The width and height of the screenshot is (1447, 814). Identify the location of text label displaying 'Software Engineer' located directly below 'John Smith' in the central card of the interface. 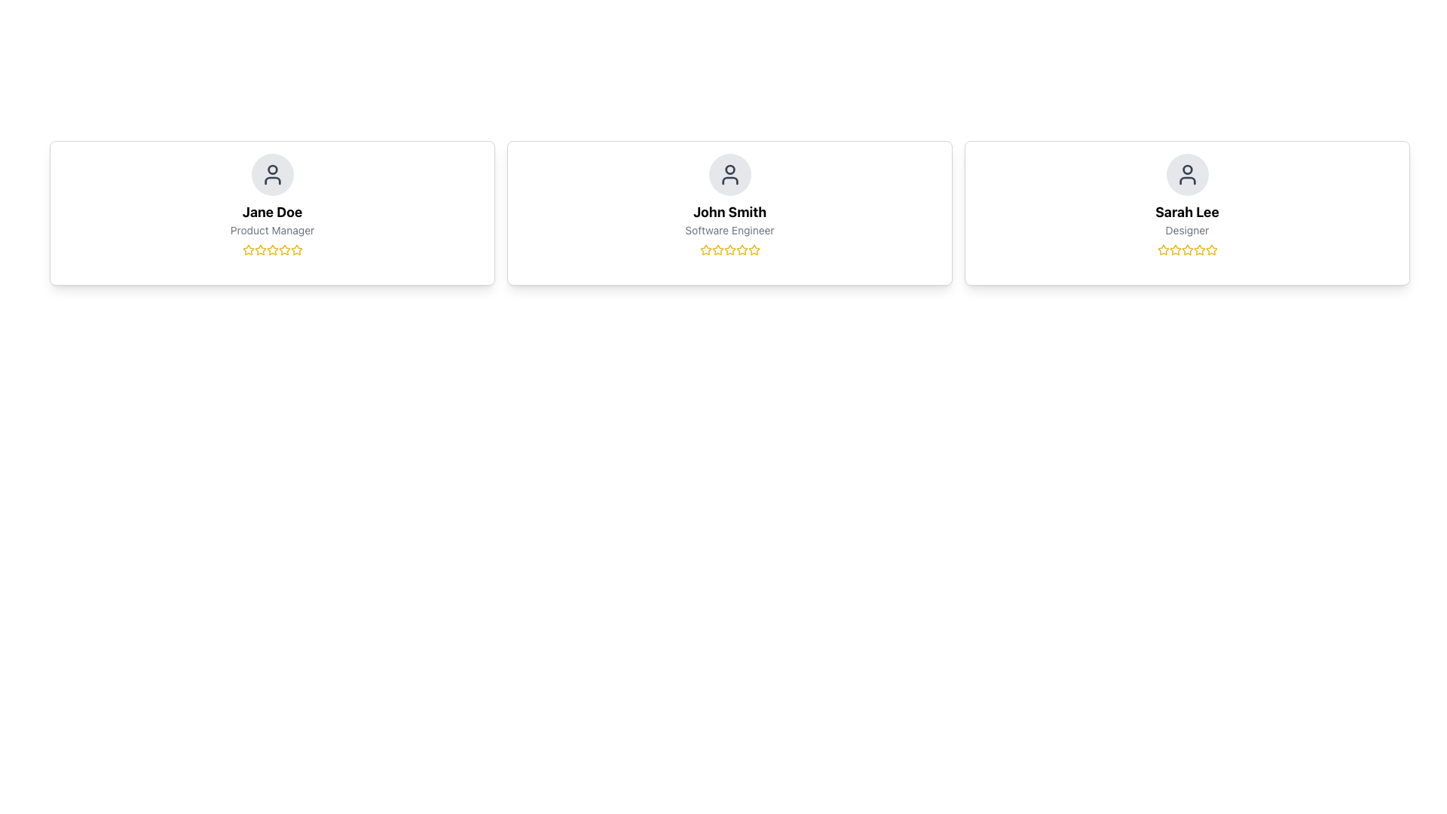
(730, 230).